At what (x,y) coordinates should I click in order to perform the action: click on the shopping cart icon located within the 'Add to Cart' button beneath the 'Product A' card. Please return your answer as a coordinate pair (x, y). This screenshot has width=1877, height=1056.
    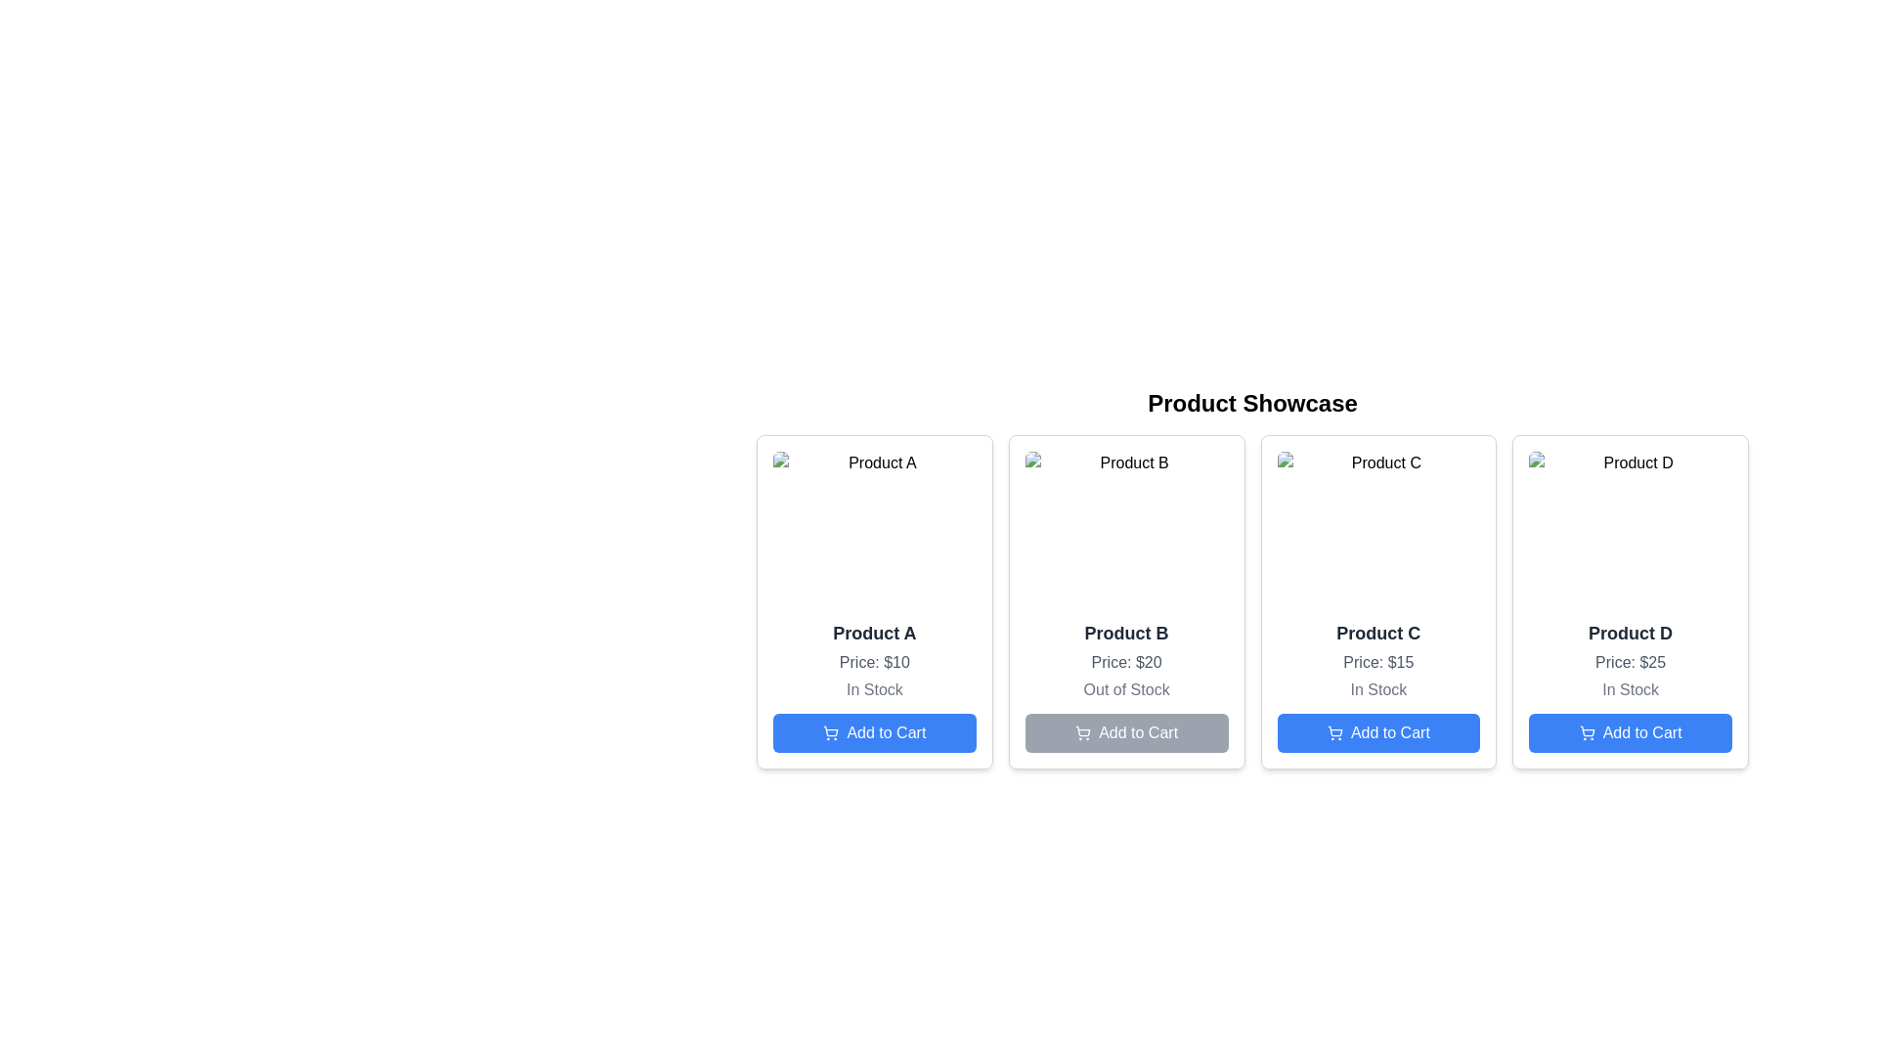
    Looking at the image, I should click on (831, 731).